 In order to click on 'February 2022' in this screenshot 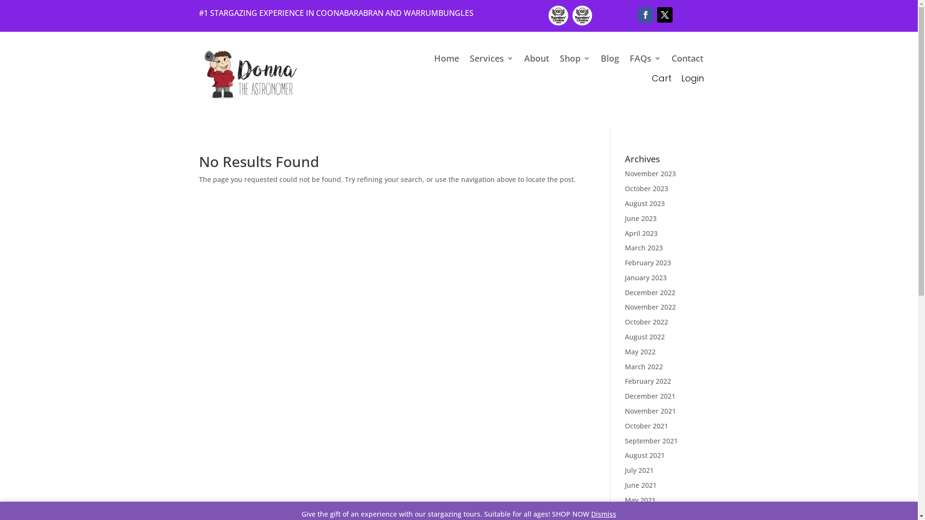, I will do `click(624, 380)`.